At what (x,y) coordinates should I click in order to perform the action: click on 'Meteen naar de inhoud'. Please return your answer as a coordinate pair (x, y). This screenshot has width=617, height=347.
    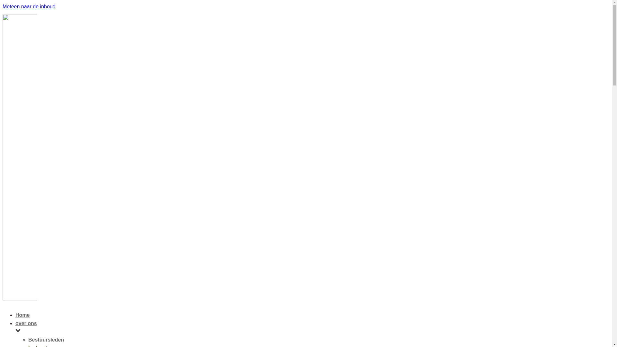
    Looking at the image, I should click on (29, 6).